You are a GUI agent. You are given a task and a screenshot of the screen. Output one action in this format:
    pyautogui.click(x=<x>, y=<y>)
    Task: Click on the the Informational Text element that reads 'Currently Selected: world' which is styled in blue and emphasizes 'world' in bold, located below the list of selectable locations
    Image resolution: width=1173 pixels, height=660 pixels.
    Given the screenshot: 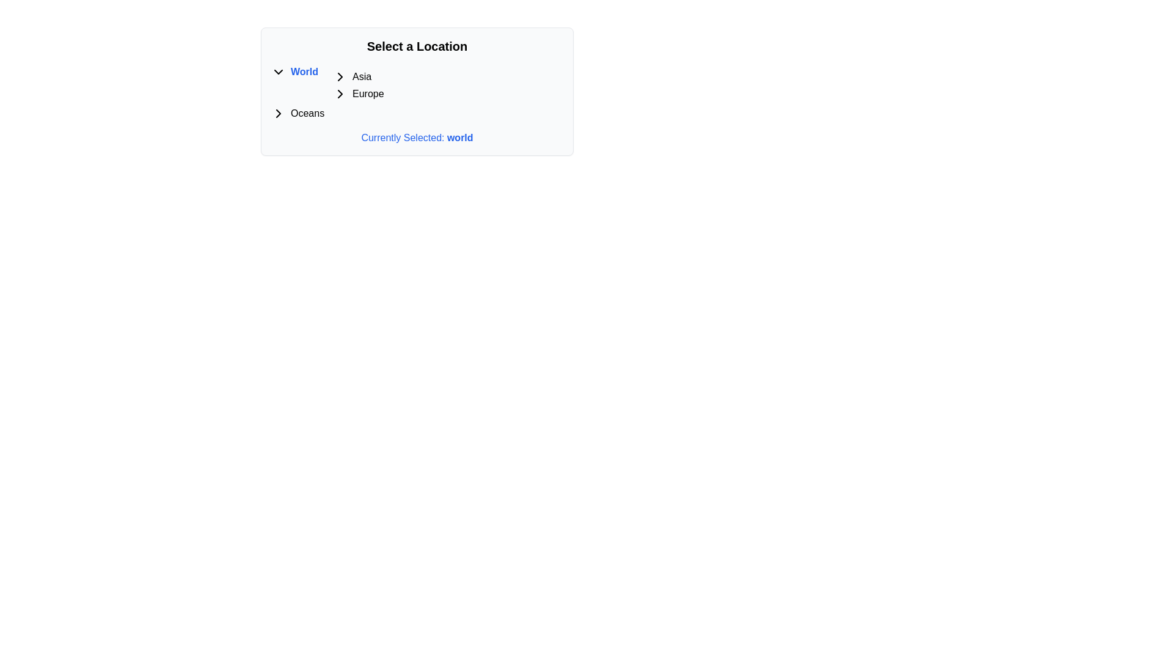 What is the action you would take?
    pyautogui.click(x=417, y=137)
    